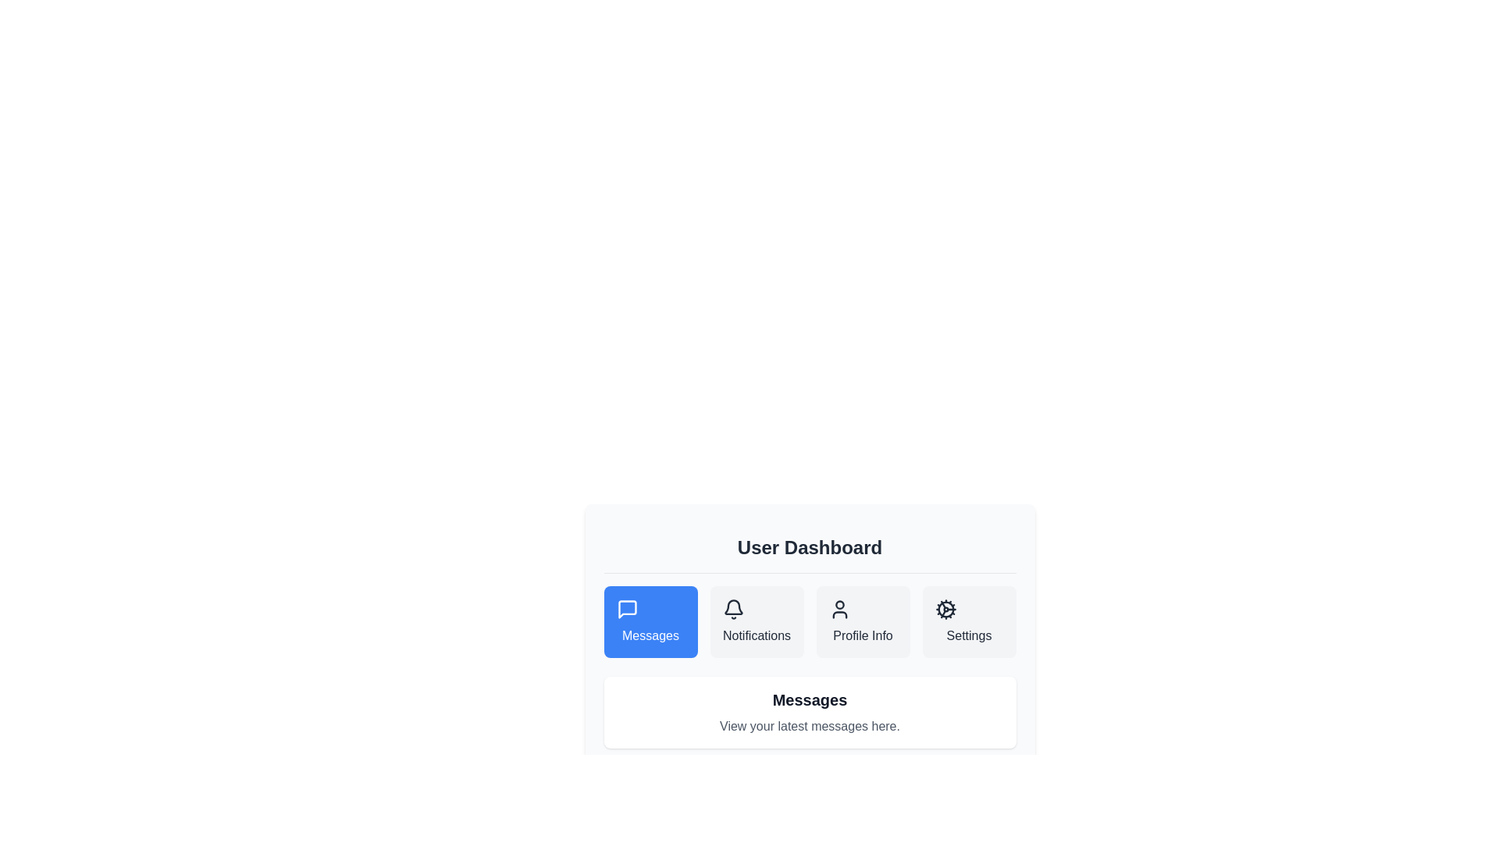 This screenshot has width=1499, height=843. Describe the element at coordinates (839, 608) in the screenshot. I see `the Profile Info icon to inspect it` at that location.